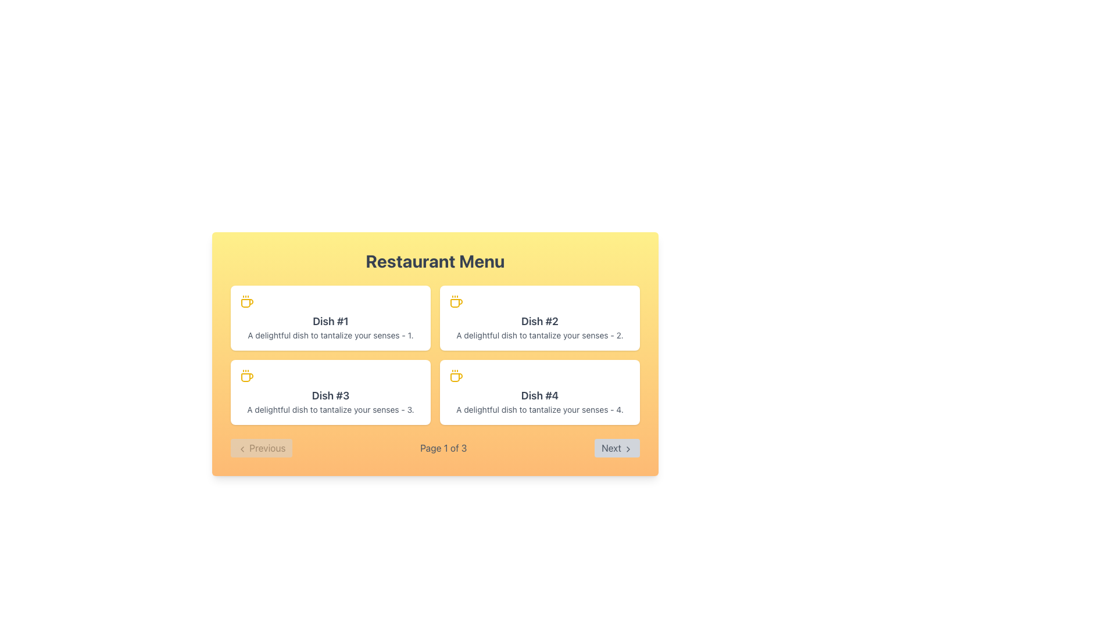 Image resolution: width=1116 pixels, height=627 pixels. What do you see at coordinates (539, 392) in the screenshot?
I see `the menu entry card representing Dish #4, located in the bottom-right corner of the grid in the 'Restaurant Menu' section` at bounding box center [539, 392].